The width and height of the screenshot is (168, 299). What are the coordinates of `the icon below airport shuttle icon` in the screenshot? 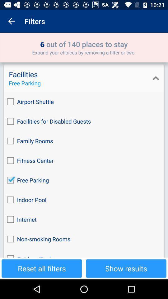 It's located at (84, 121).